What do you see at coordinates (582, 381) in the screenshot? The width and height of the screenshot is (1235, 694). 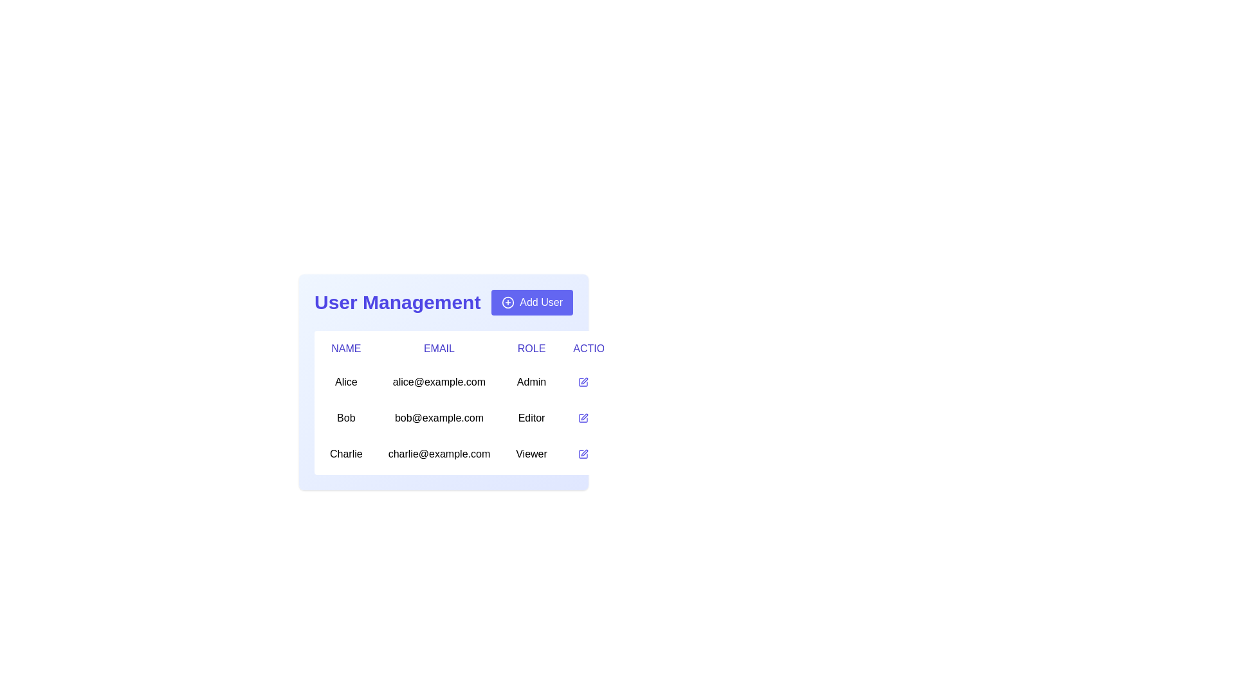 I see `the button with an icon in the 'Action' column of the 'User Management' table for user 'Alice'` at bounding box center [582, 381].